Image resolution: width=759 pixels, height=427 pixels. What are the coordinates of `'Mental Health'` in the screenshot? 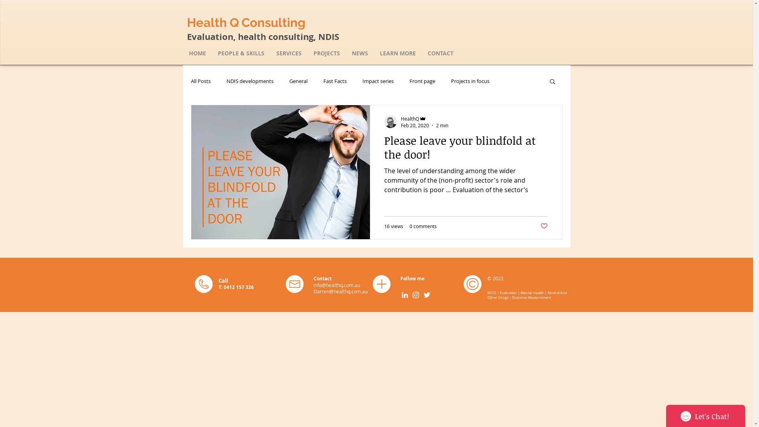 It's located at (532, 293).